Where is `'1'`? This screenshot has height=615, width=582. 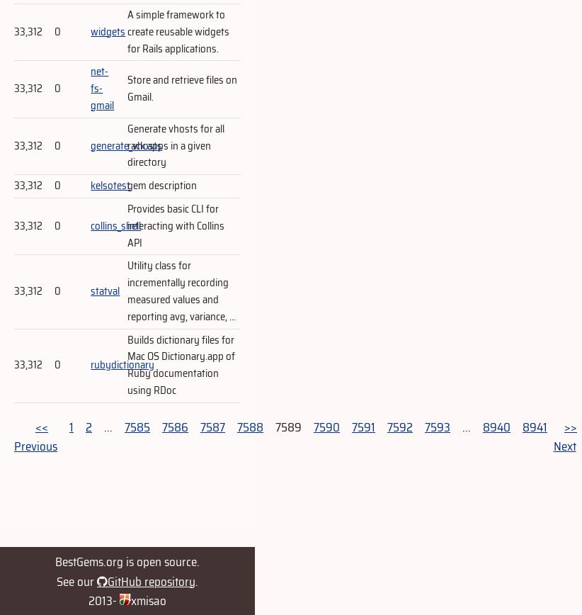 '1' is located at coordinates (71, 426).